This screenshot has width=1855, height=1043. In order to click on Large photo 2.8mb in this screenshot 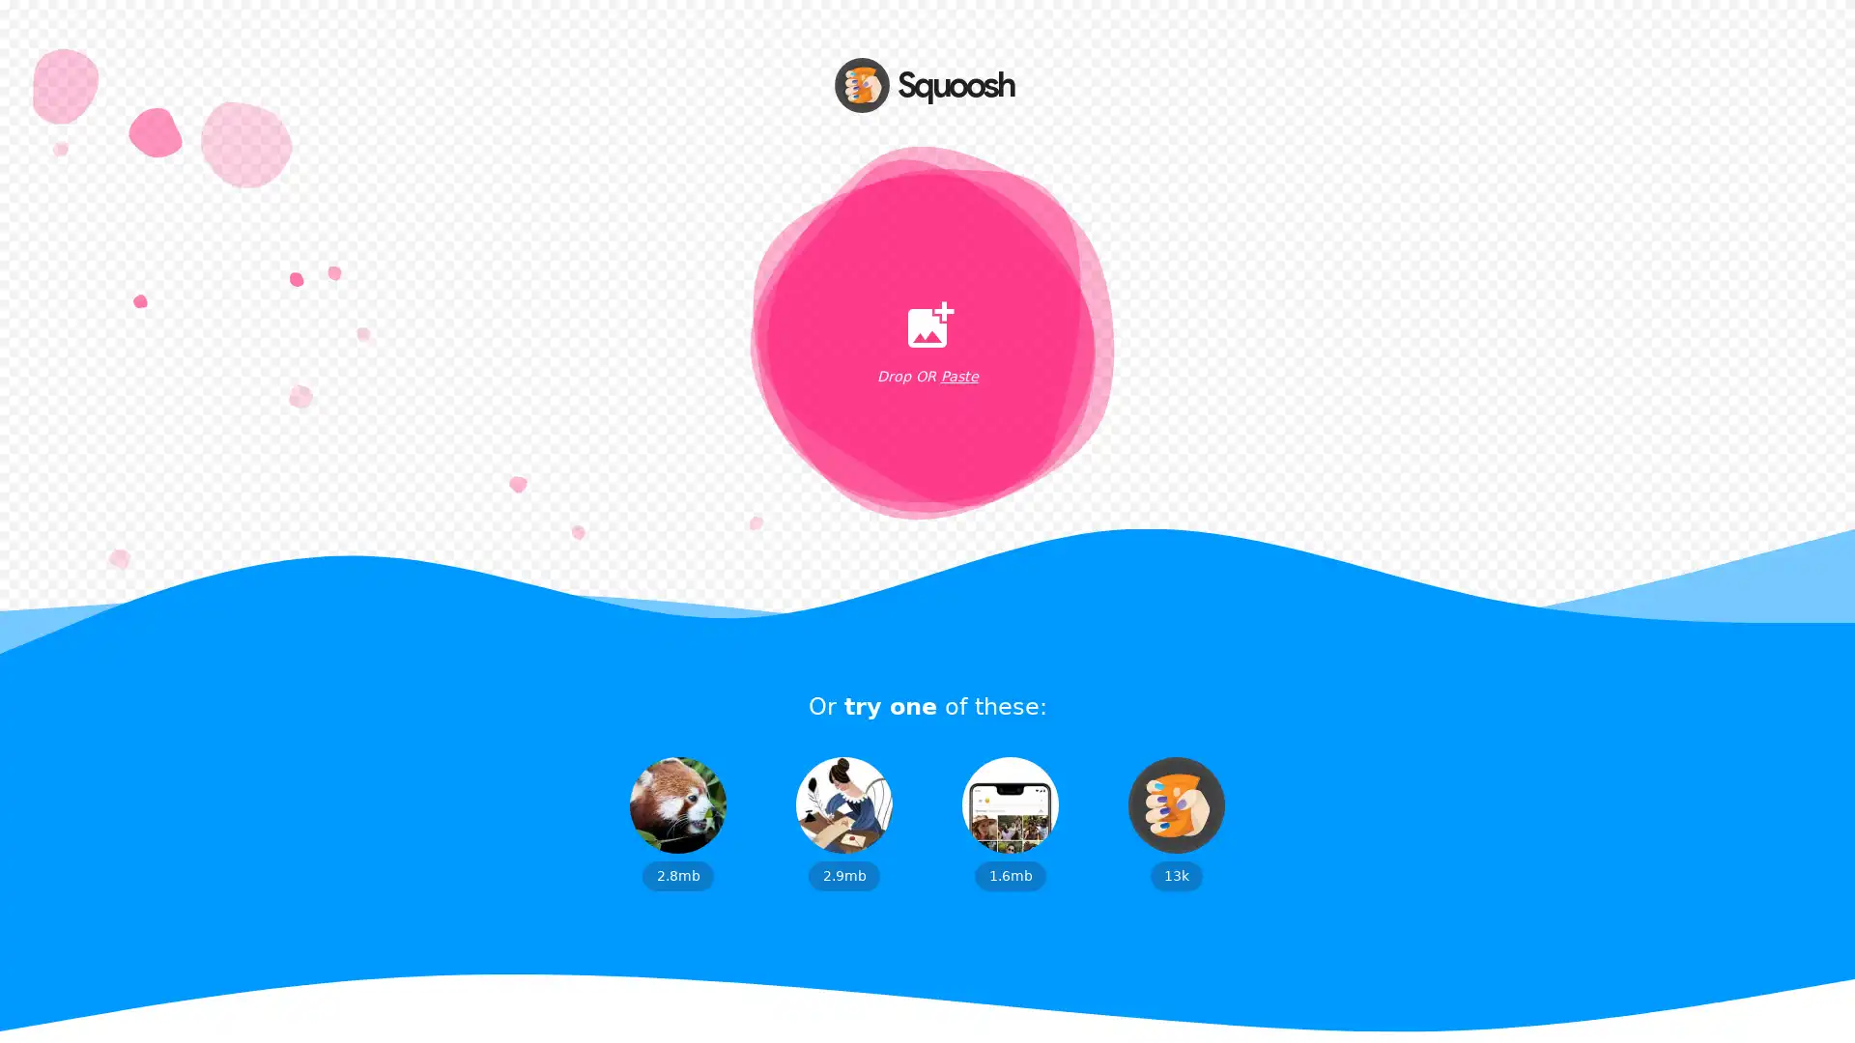, I will do `click(677, 823)`.